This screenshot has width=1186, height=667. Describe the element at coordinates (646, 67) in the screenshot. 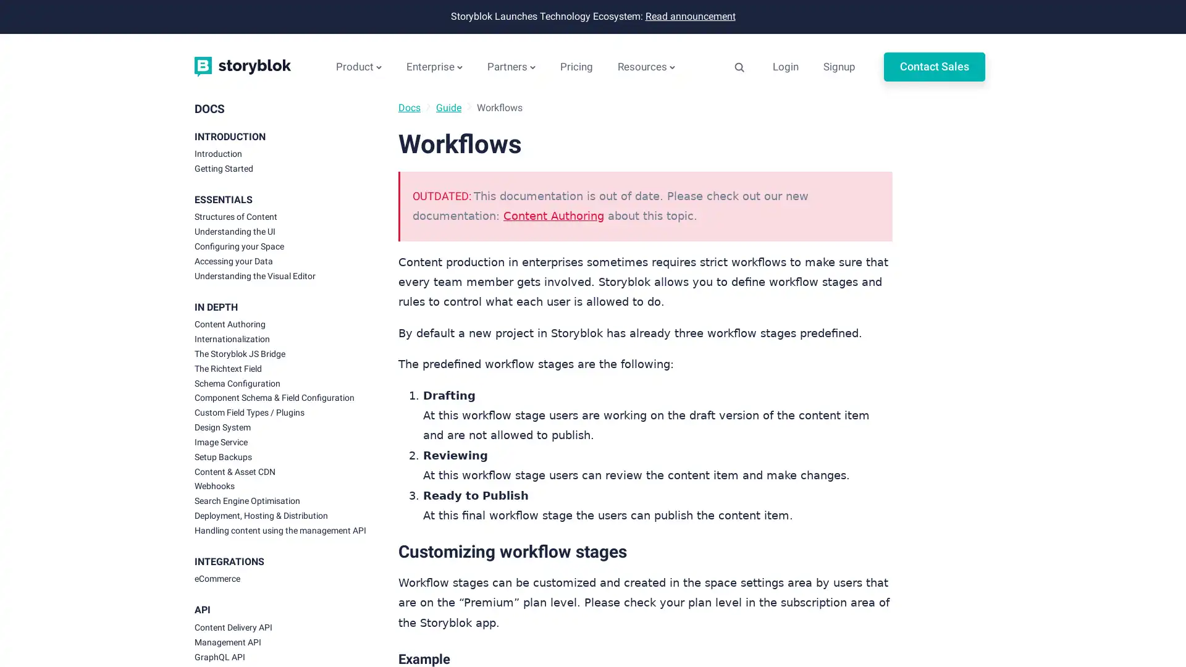

I see `Resources` at that location.